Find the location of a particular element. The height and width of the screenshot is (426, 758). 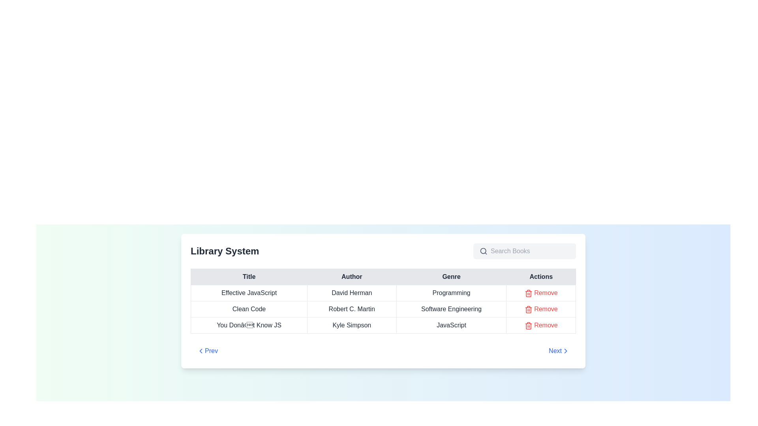

the 'Author' column header in the table, which is the second header cell located between 'Title' and 'Genre' is located at coordinates (351, 277).